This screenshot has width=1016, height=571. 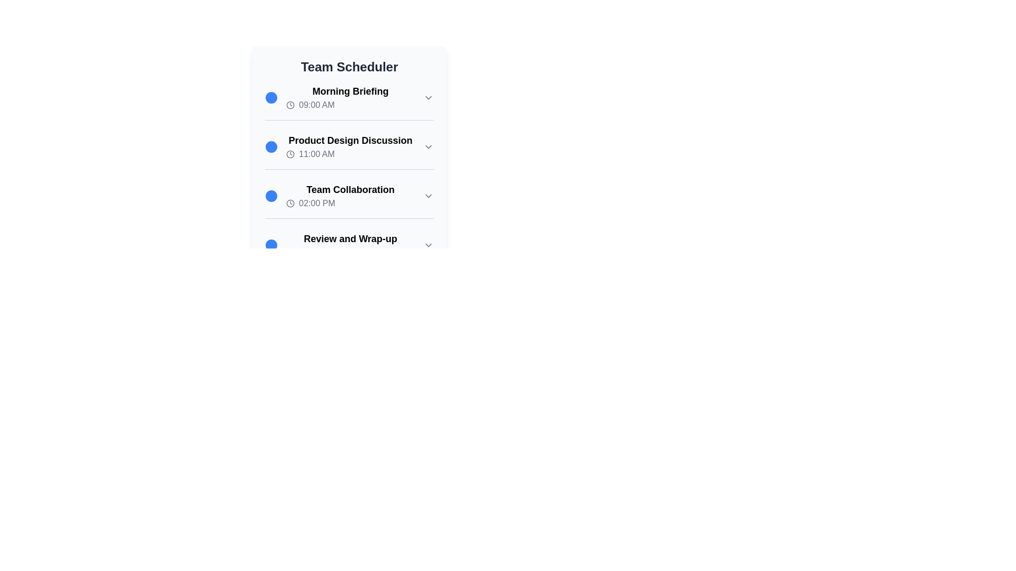 I want to click on the text label displaying 'Review and Wrap-up', which is a bold heading above '04:30 PM' in a vertical list of scheduled items, so click(x=350, y=238).